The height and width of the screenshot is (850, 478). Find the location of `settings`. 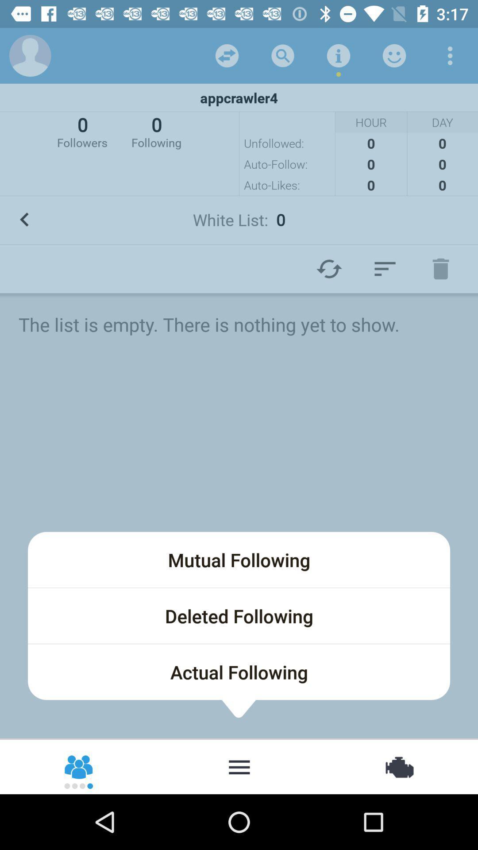

settings is located at coordinates (450, 55).